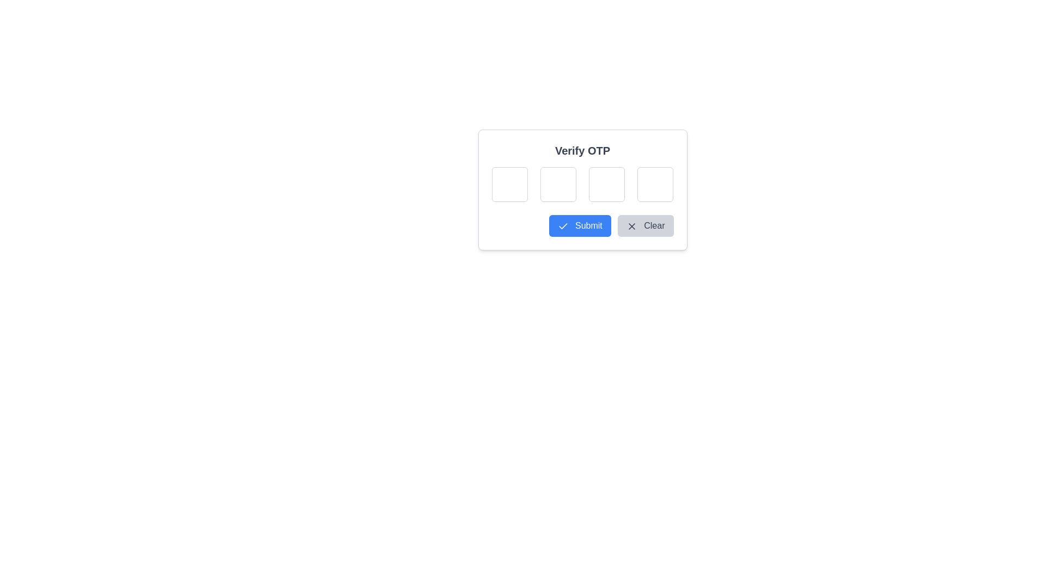 The height and width of the screenshot is (588, 1046). I want to click on the 'Submit' button, which is the leftmost button with a white checkmark icon on a blue background, so click(579, 225).